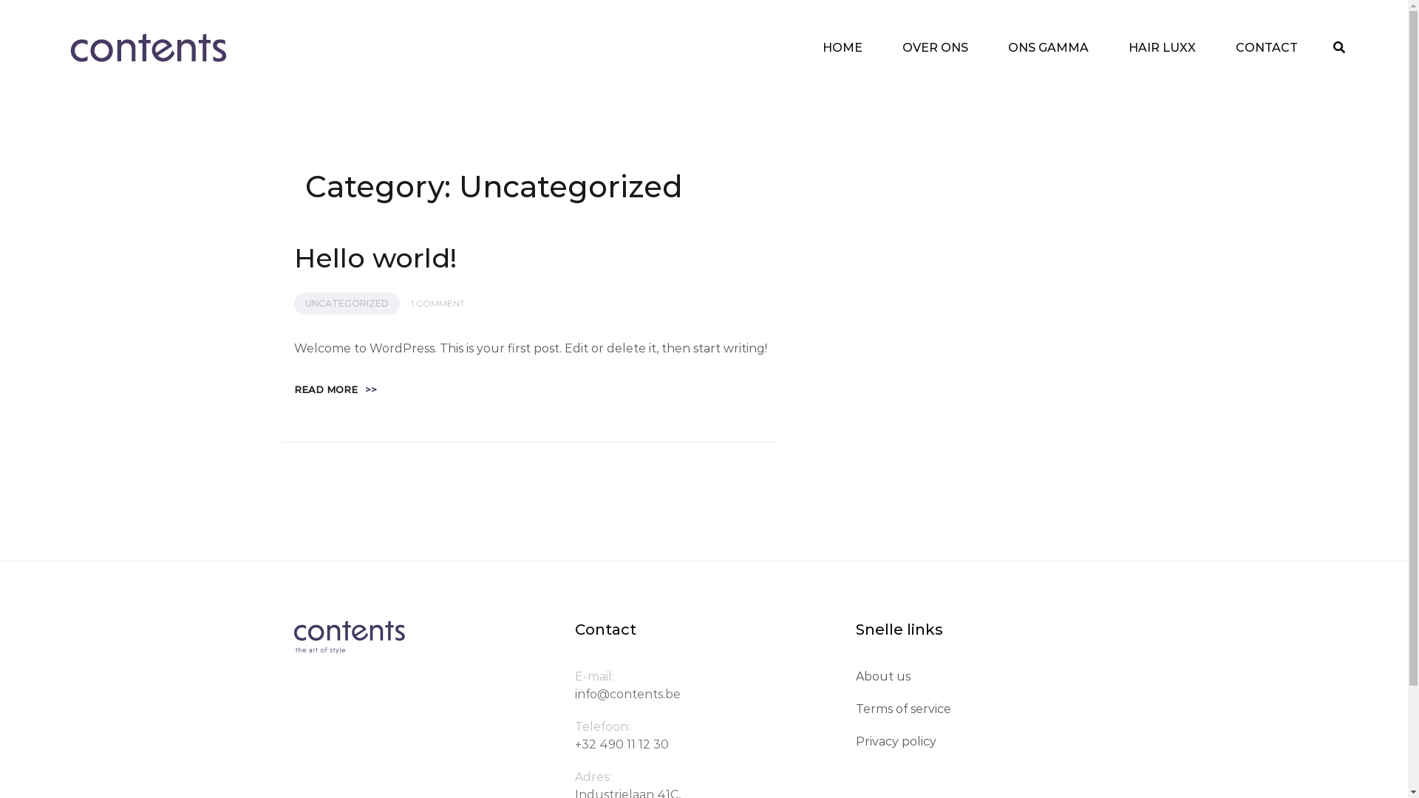 The height and width of the screenshot is (798, 1419). What do you see at coordinates (335, 389) in the screenshot?
I see `'READ MORE>>'` at bounding box center [335, 389].